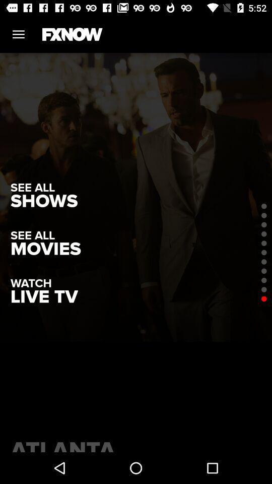 The width and height of the screenshot is (272, 484). Describe the element at coordinates (136, 444) in the screenshot. I see `atlanta  item` at that location.